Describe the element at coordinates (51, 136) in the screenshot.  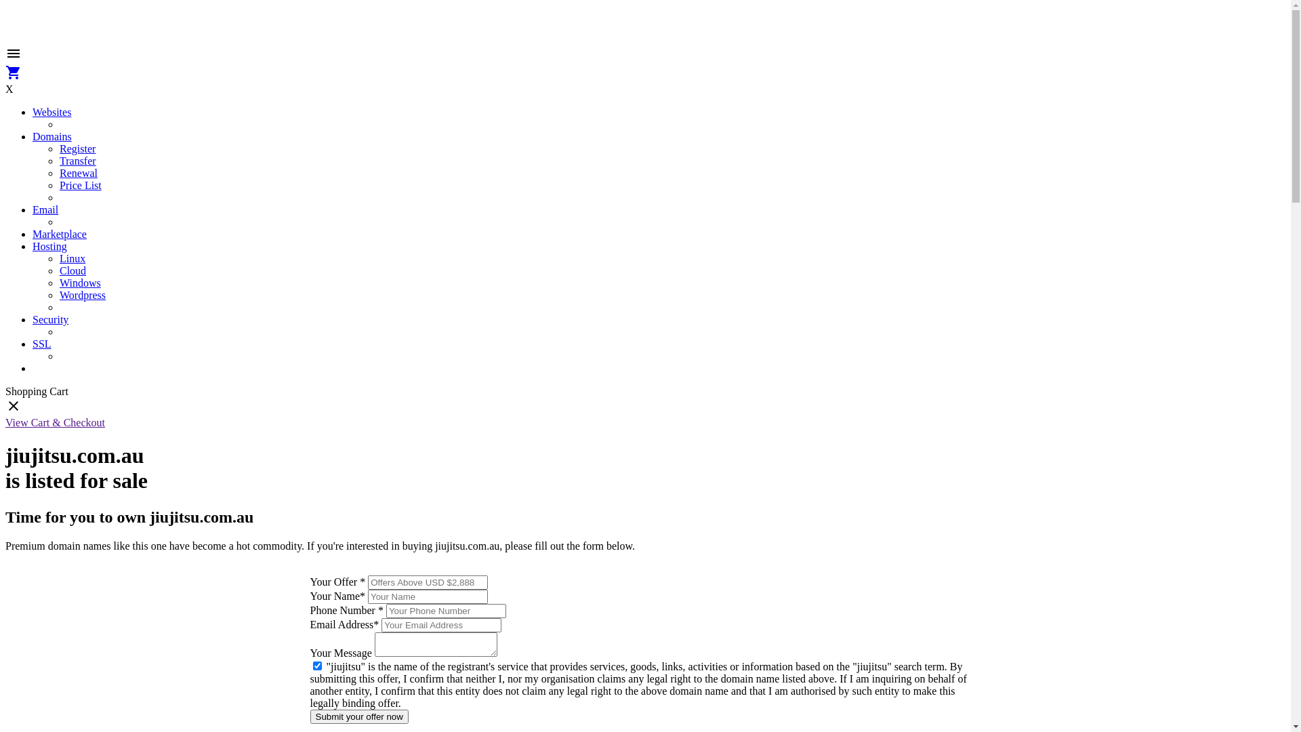
I see `'Domains'` at that location.